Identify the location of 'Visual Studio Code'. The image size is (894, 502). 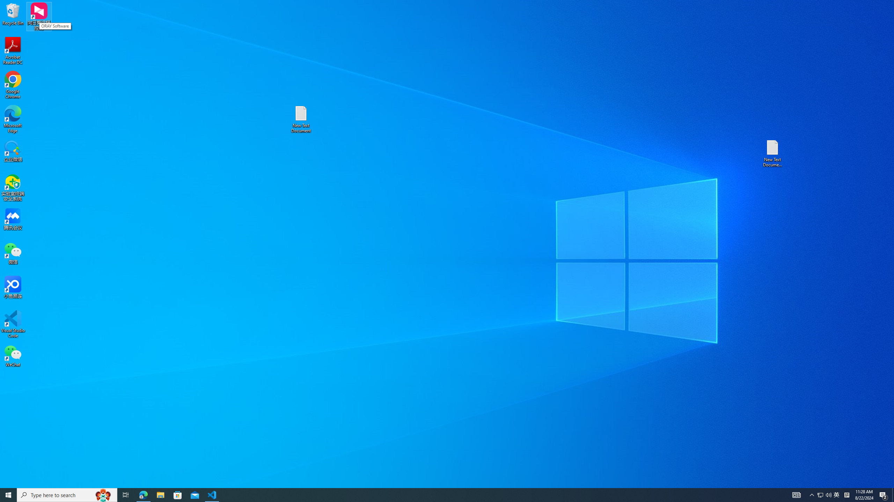
(13, 324).